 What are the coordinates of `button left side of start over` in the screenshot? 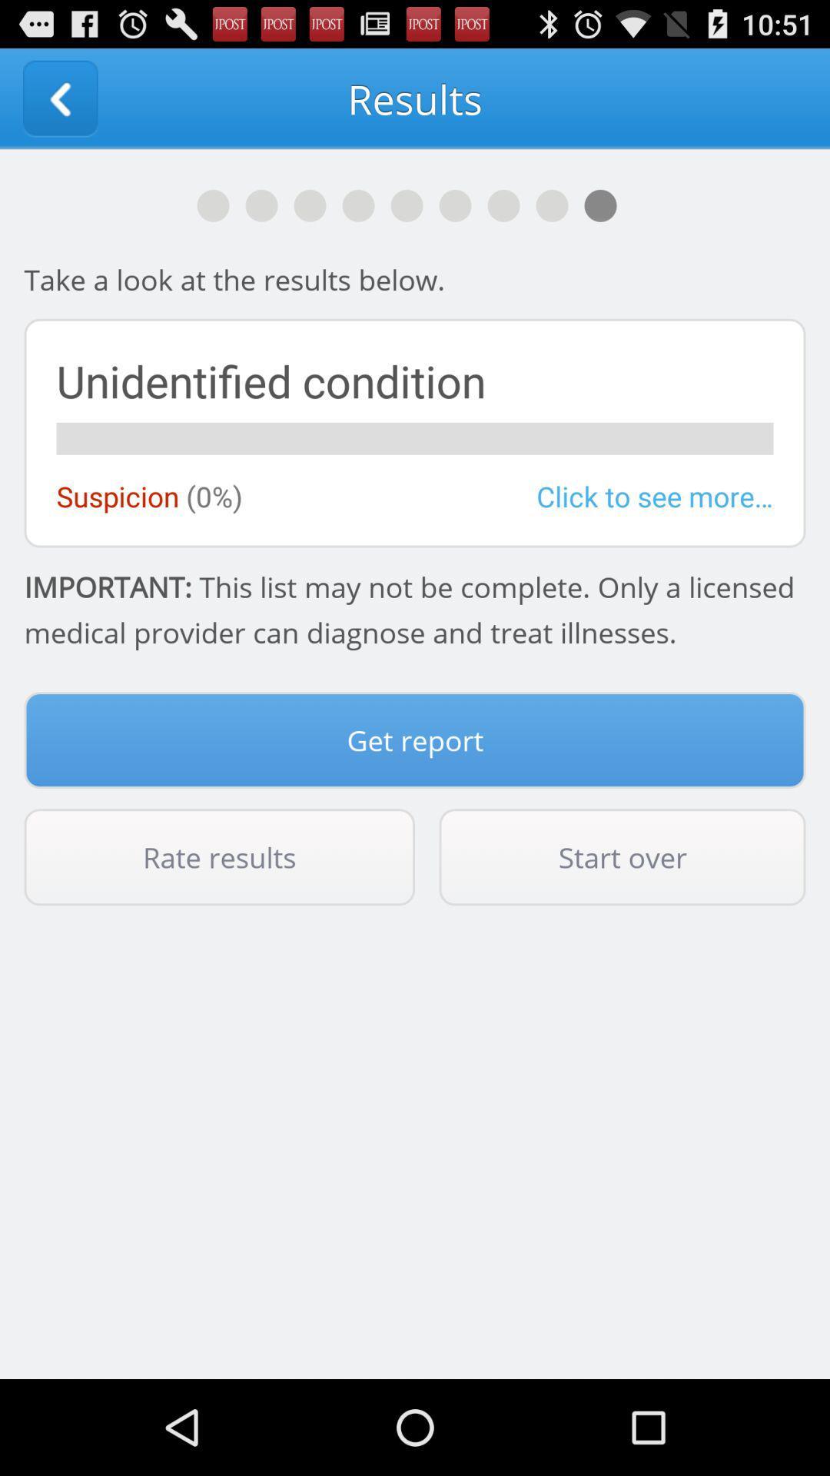 It's located at (219, 856).